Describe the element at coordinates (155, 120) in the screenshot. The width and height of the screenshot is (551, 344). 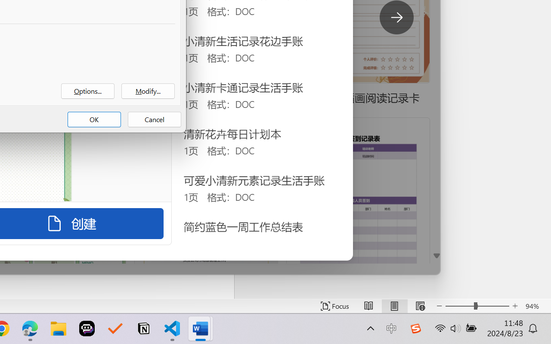
I see `'Cancel'` at that location.